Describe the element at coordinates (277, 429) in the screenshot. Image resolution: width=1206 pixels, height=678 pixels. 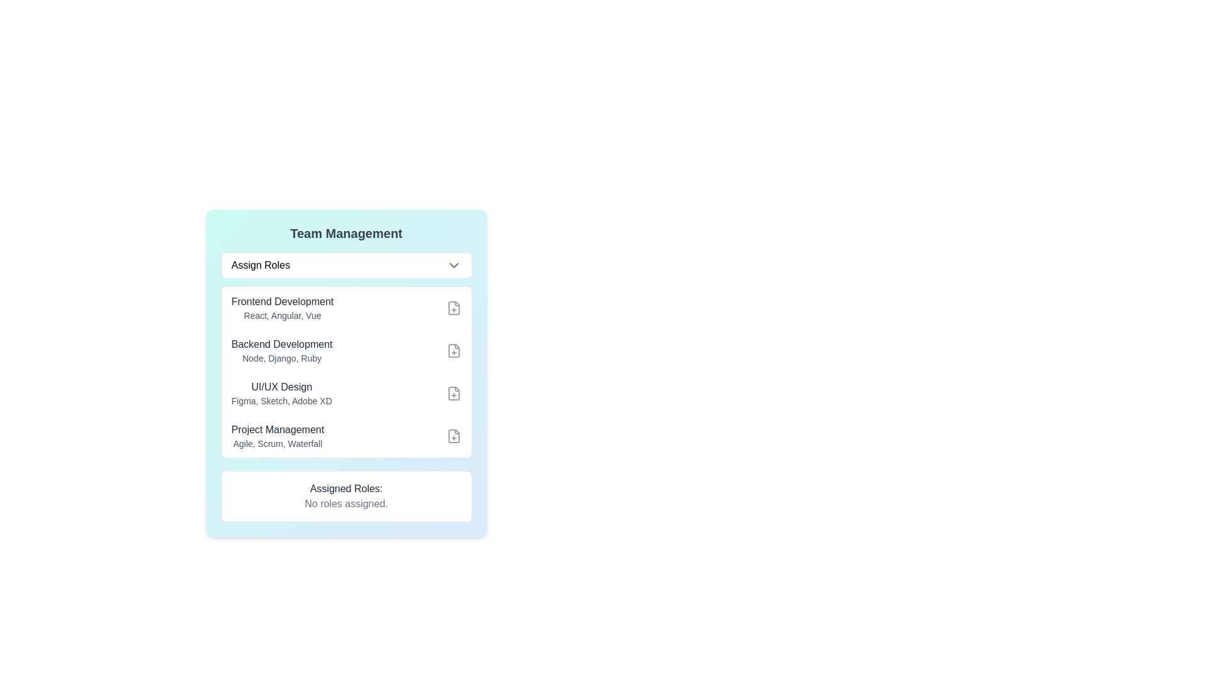
I see `the text label that denotes the 'Project Management' section, positioned fourth in the list under 'Team Management'` at that location.